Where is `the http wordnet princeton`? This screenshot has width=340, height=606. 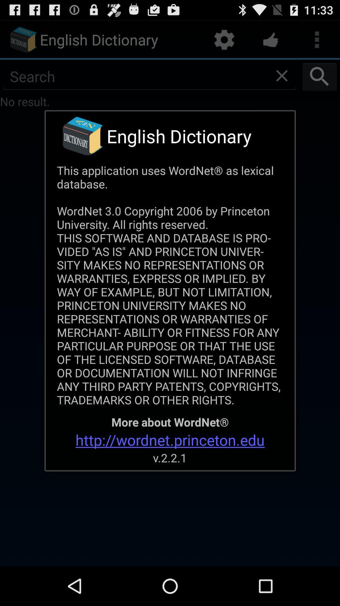
the http wordnet princeton is located at coordinates (170, 439).